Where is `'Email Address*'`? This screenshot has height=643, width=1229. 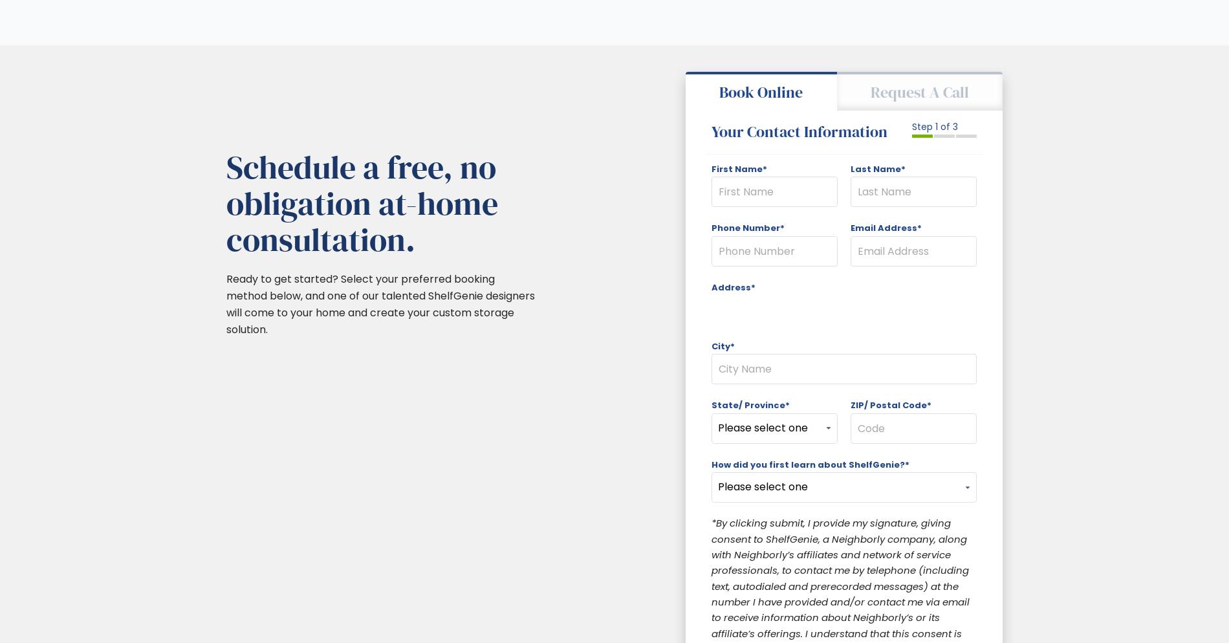 'Email Address*' is located at coordinates (886, 227).